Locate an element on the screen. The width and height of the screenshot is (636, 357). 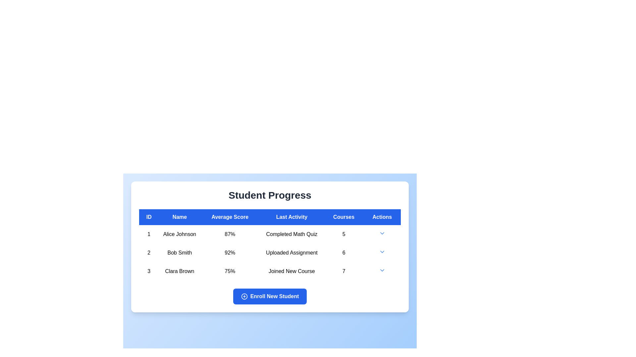
the text label displaying '92%' which is located in the 'Average Score' column for 'Bob Smith' in the table is located at coordinates (230, 253).